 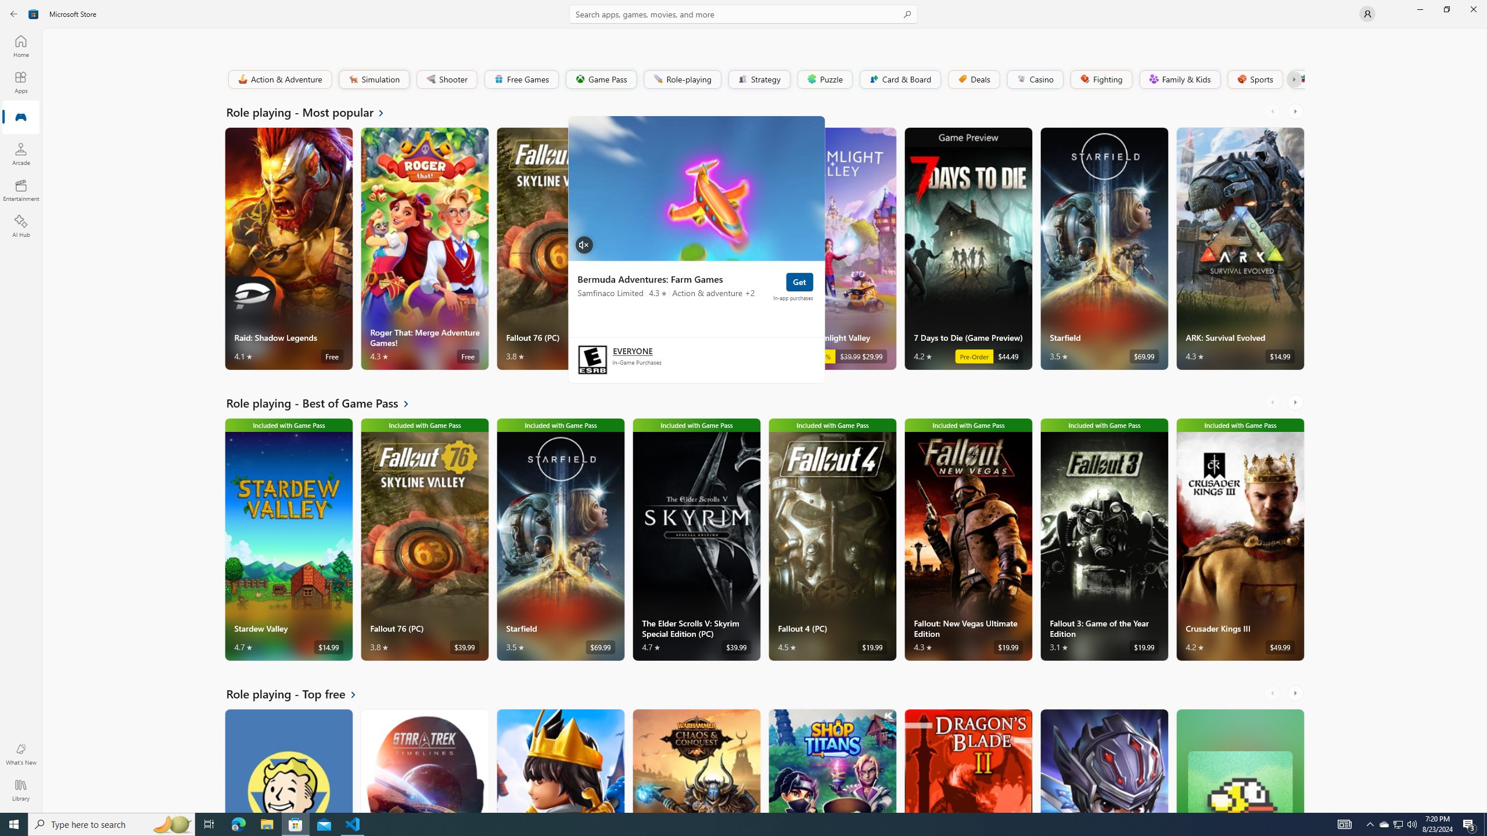 I want to click on 'Close Microsoft Store', so click(x=1472, y=9).